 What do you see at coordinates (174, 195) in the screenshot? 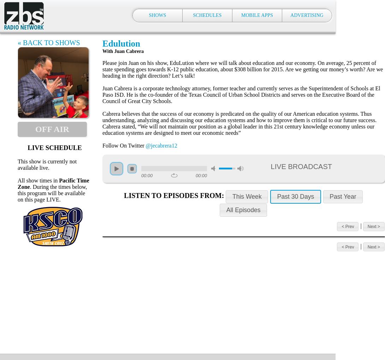
I see `'LISTEN TO EPISODES FROM:'` at bounding box center [174, 195].